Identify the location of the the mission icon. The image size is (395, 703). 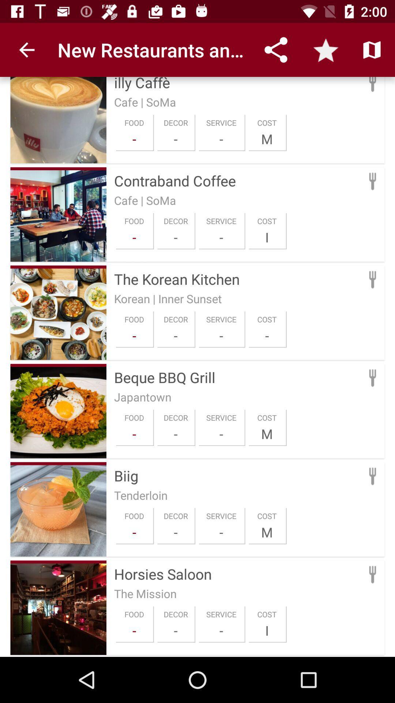
(145, 594).